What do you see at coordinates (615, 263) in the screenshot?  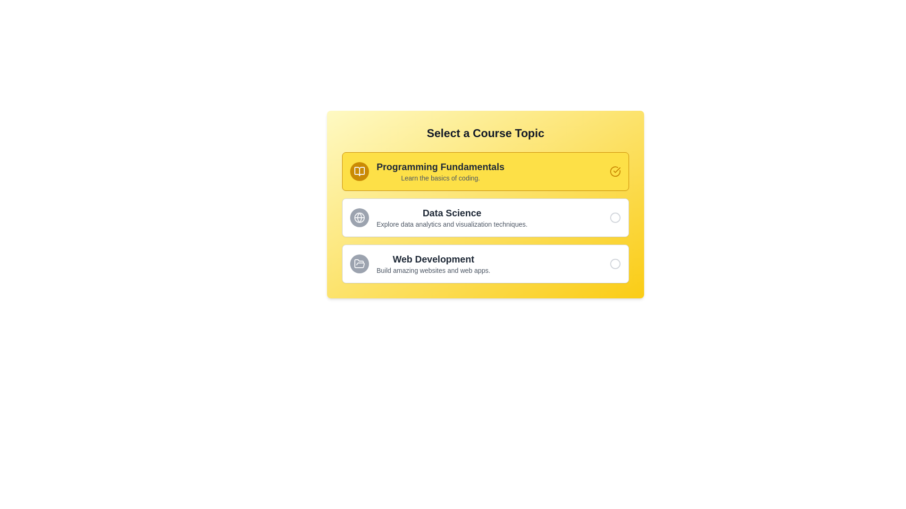 I see `the unselected radio button located at the far right of the 'Web Development' section to provide potential additional visual feedback` at bounding box center [615, 263].